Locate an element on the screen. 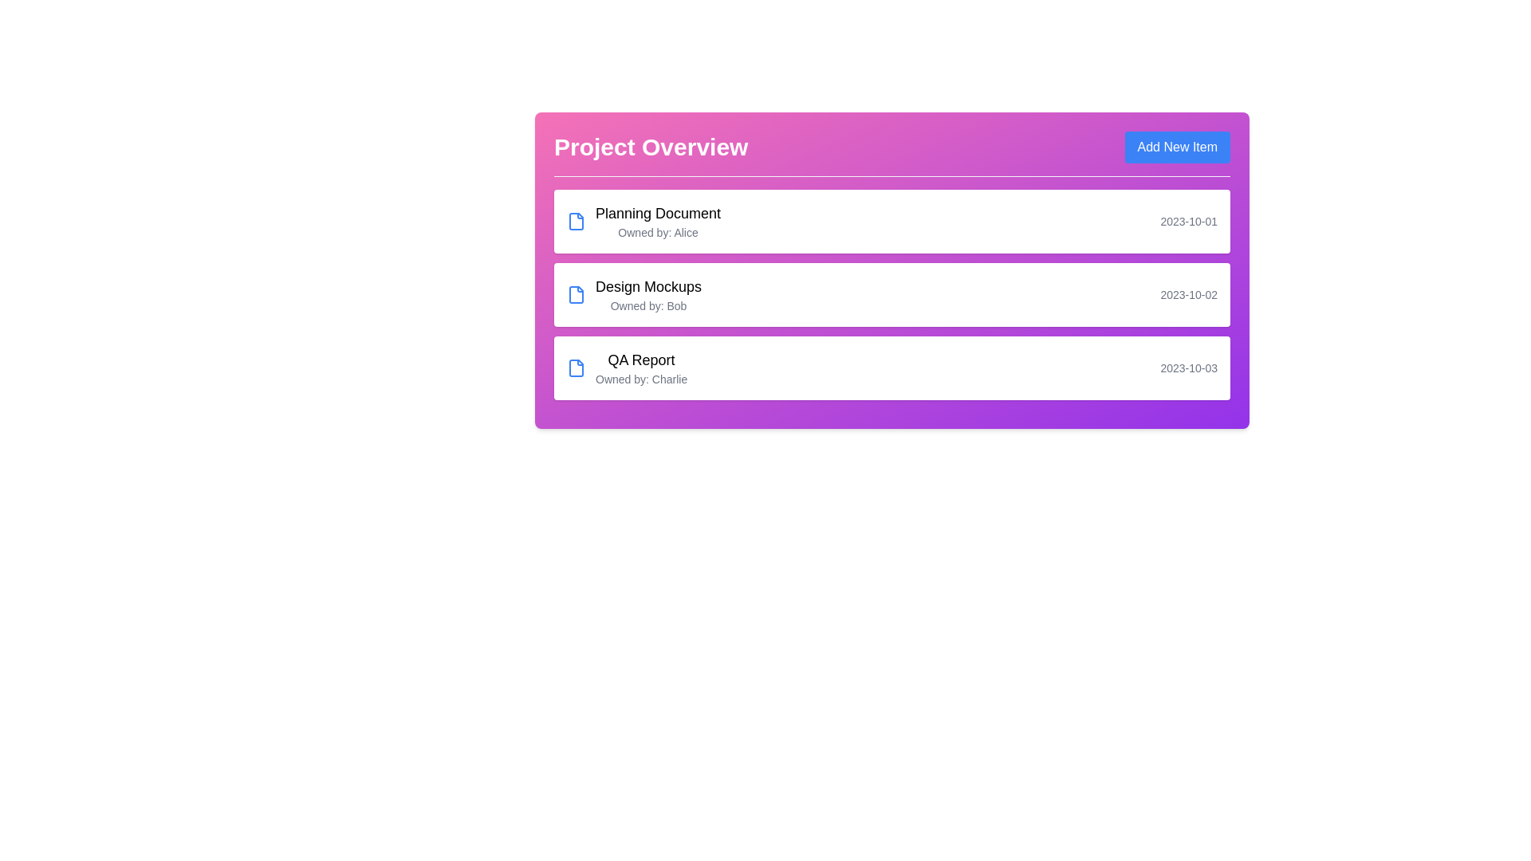 This screenshot has height=861, width=1531. the Text label displaying '2023-10-01' styled in a small, gray font located at the bottom-right of the project details section is located at coordinates (1189, 221).